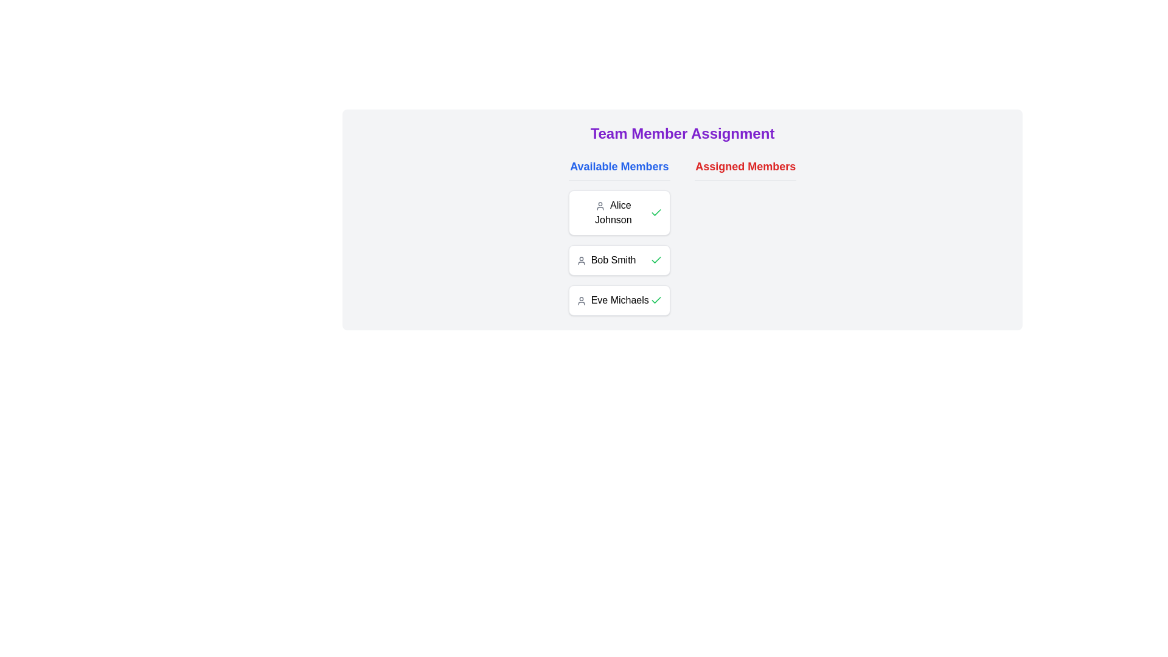 The height and width of the screenshot is (657, 1168). I want to click on the Text Label with Icon displaying 'Bob Smith' for additional details, which is the second entry in the 'Available Members' column, located between 'Alice Johnson' and 'Eve Michaels', so click(606, 260).